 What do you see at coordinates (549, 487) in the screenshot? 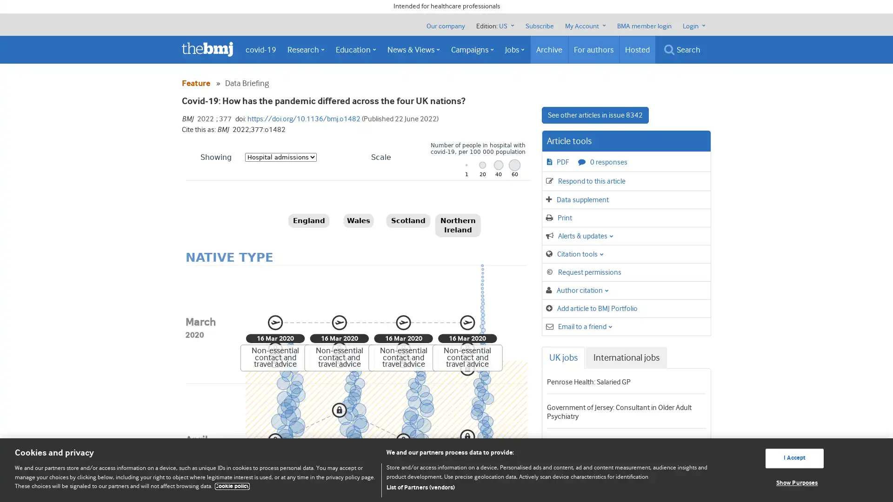
I see `List of Partners (vendors)` at bounding box center [549, 487].